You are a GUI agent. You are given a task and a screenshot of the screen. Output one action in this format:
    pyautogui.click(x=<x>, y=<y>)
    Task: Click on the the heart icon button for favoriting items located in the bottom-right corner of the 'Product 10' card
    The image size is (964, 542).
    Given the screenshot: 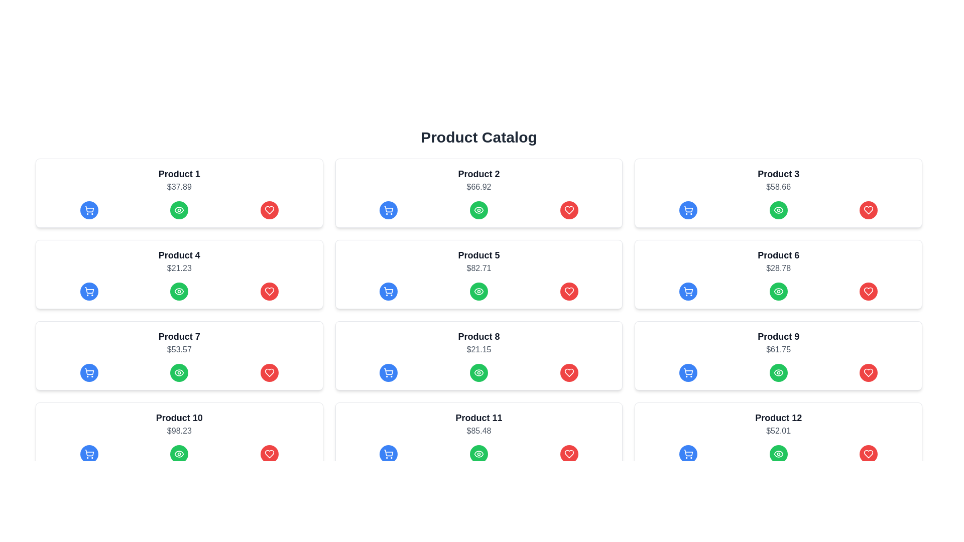 What is the action you would take?
    pyautogui.click(x=269, y=454)
    